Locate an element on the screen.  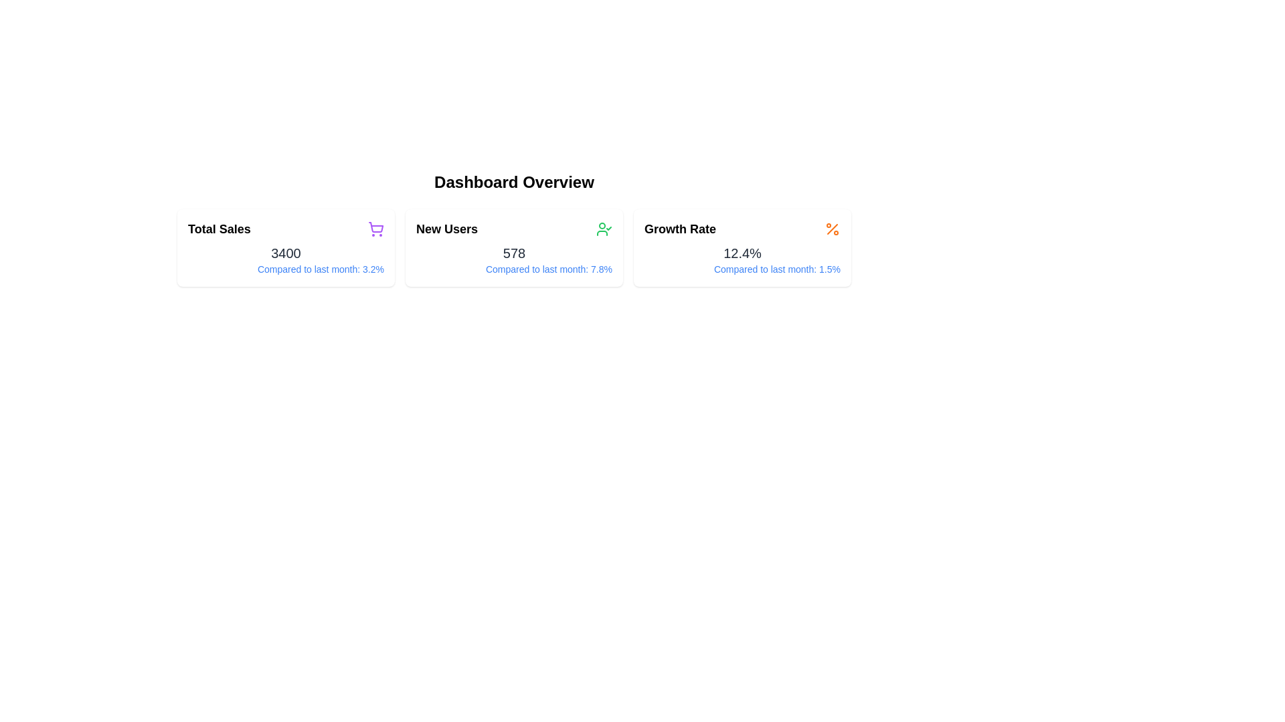
the decorative line within the orange percentage icon located in the 'Growth Rate' card in the dashboard, which is positioned diagonally between two circular shapes is located at coordinates (831, 229).